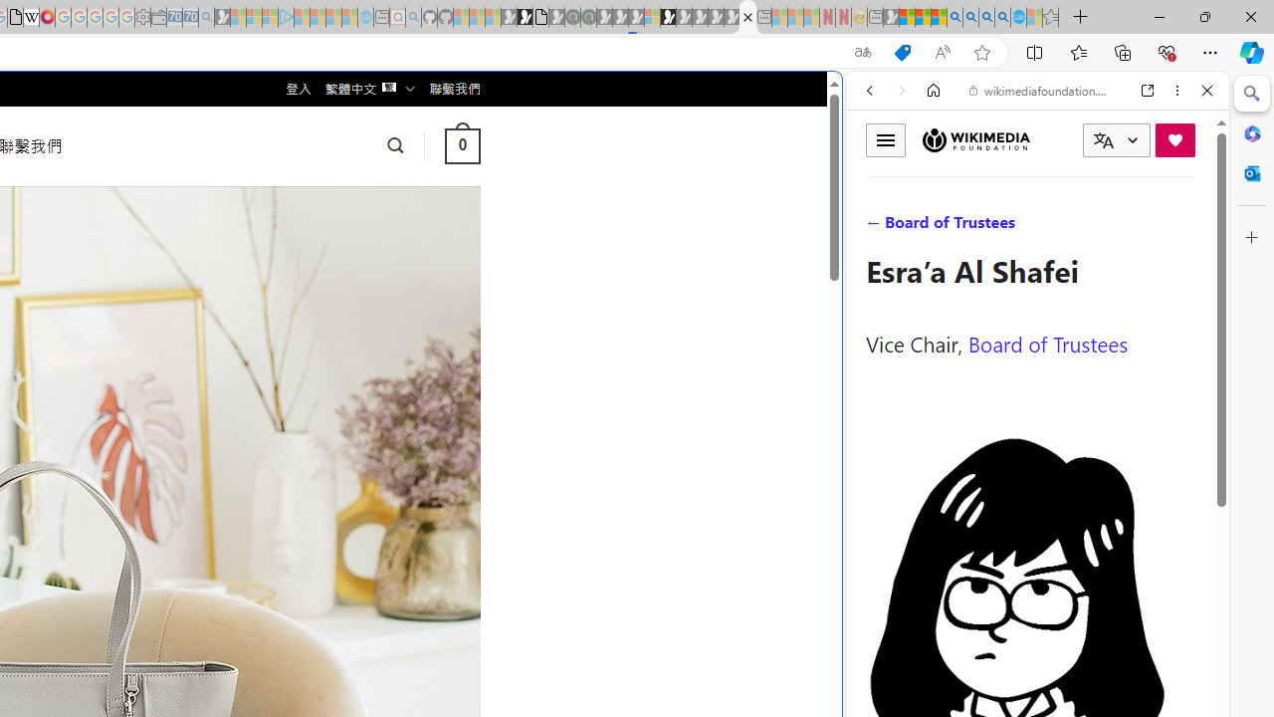  What do you see at coordinates (1018, 17) in the screenshot?
I see `'Services - Maintenance | Sky Blue Bikes - Sky Blue Bikes'` at bounding box center [1018, 17].